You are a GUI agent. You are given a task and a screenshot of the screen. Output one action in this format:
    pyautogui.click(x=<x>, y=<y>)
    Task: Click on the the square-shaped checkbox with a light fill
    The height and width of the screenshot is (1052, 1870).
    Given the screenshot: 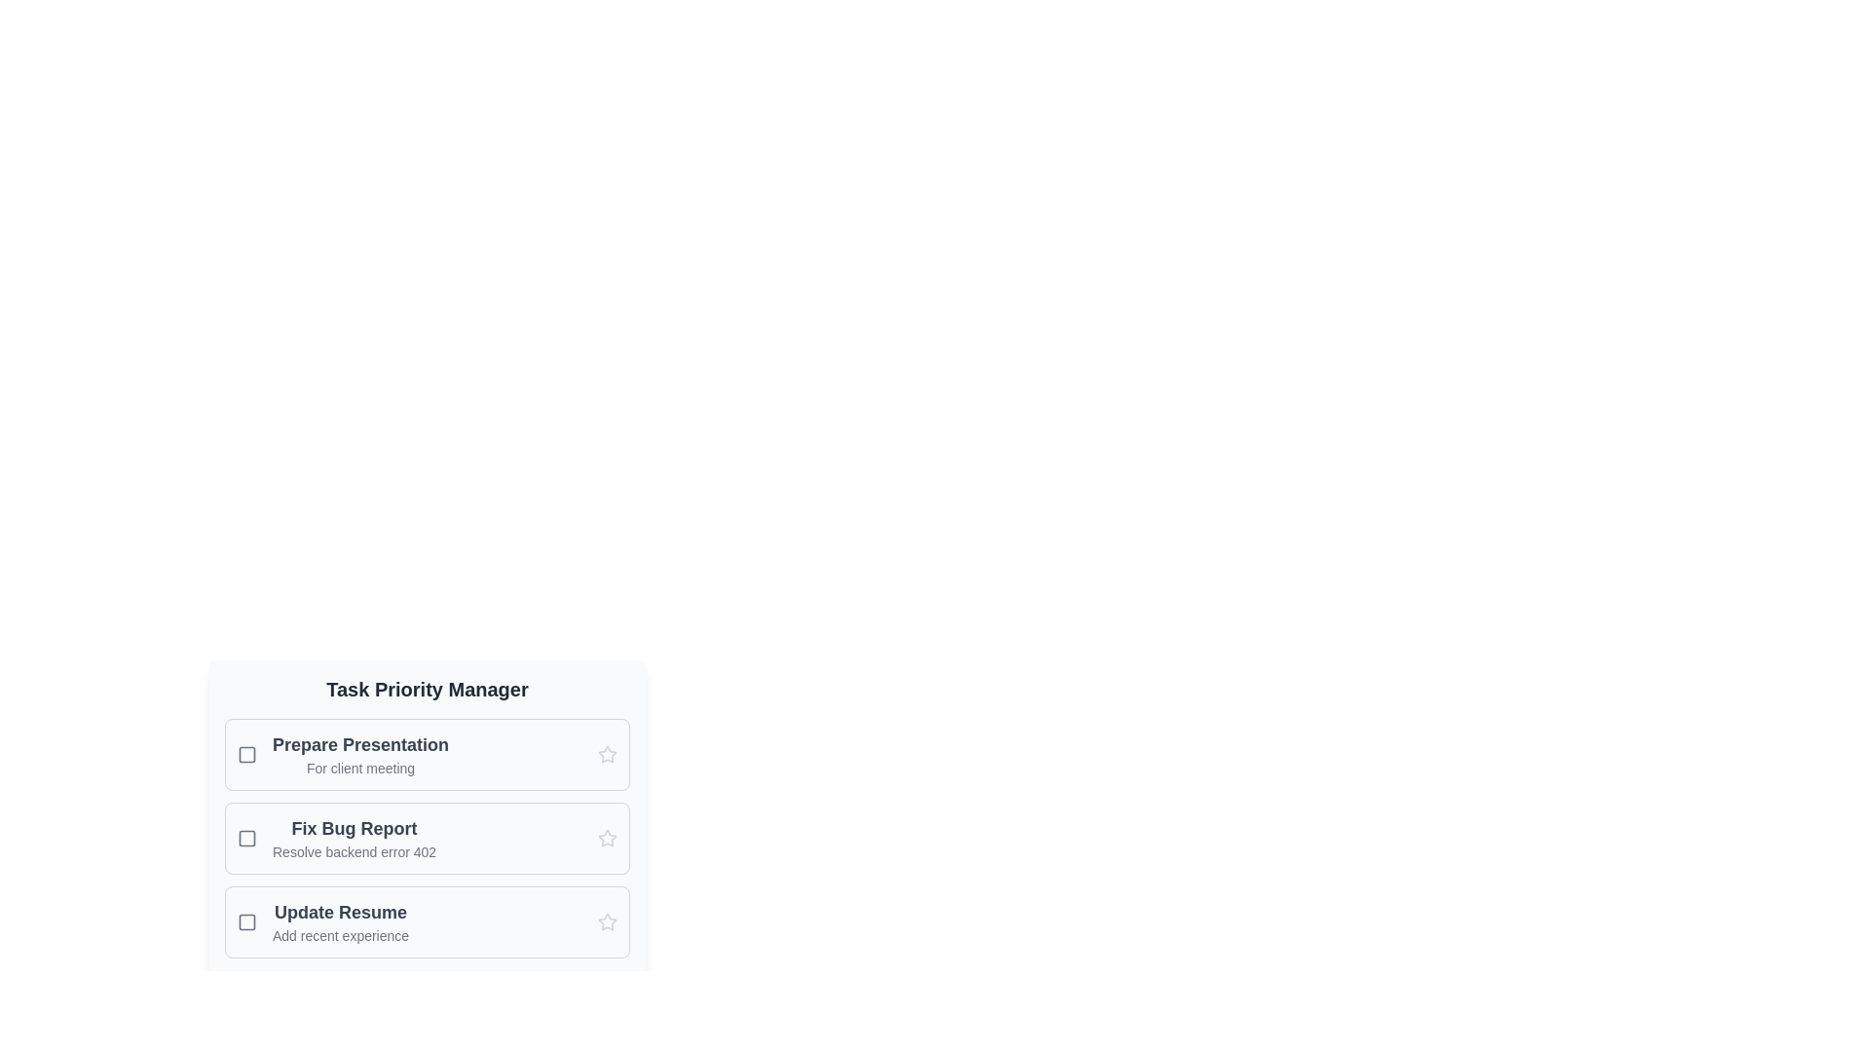 What is the action you would take?
    pyautogui.click(x=246, y=837)
    